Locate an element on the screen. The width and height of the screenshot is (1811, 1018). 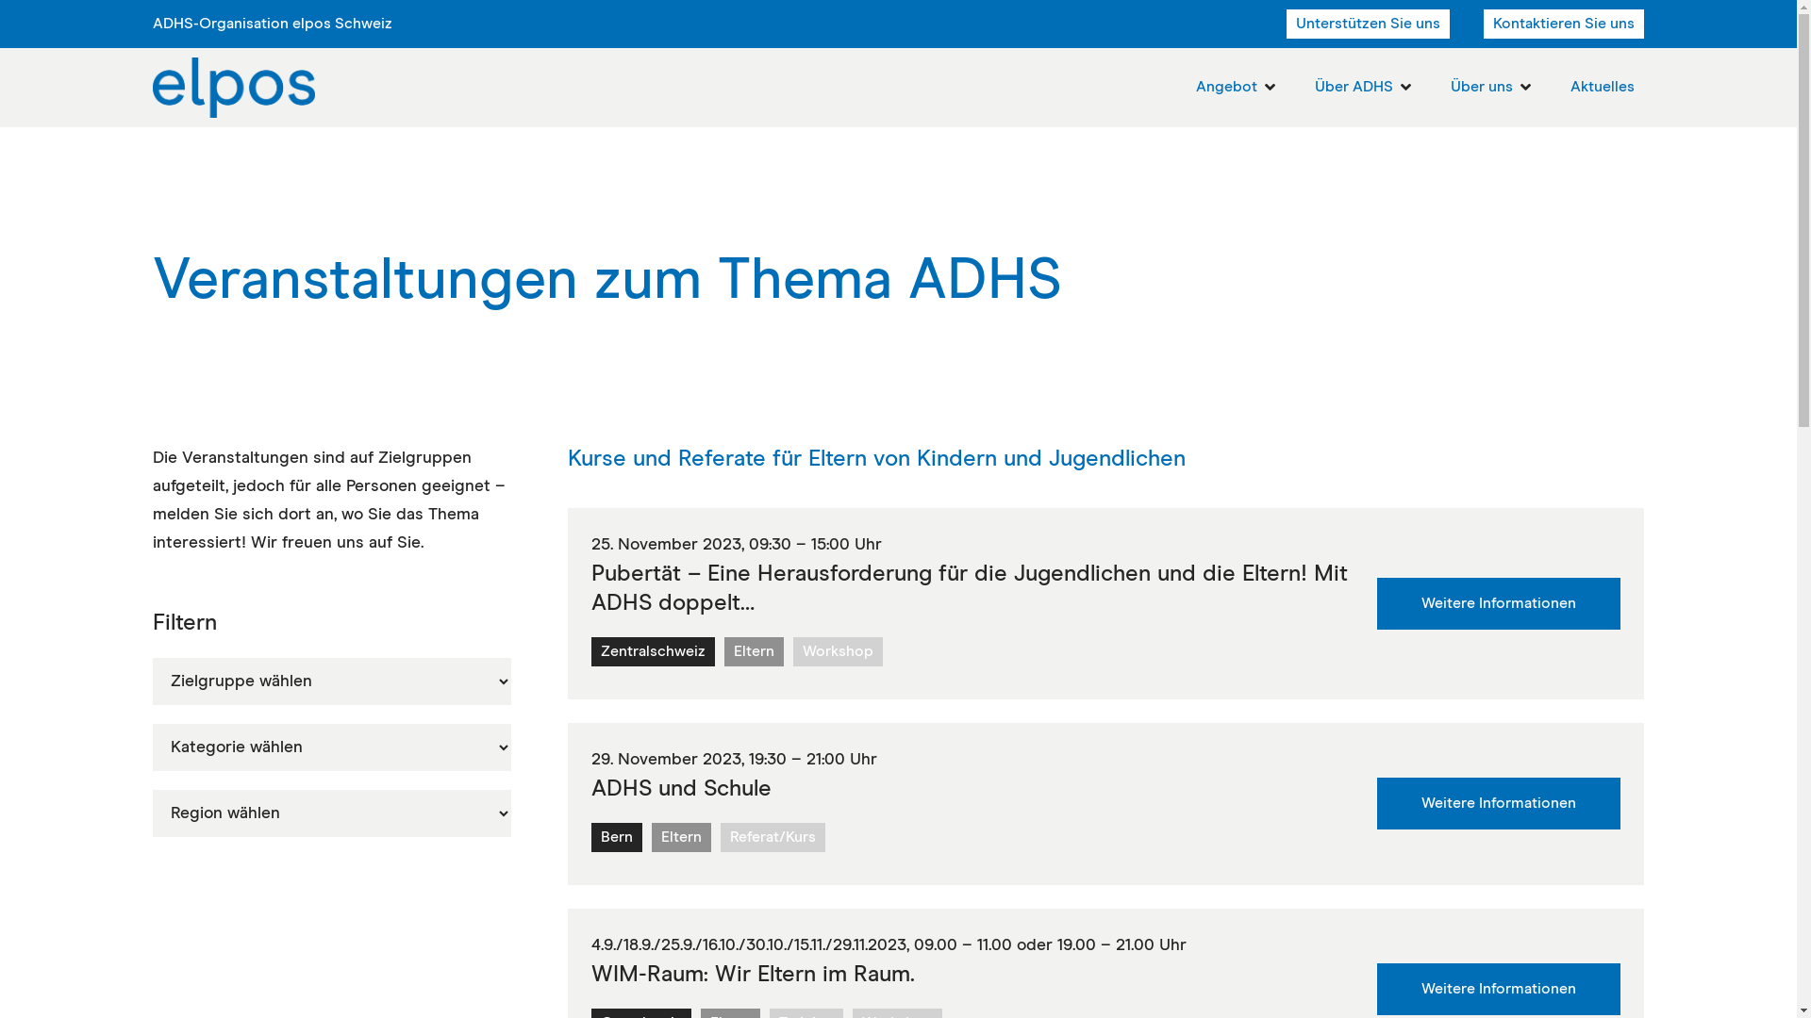
'Aktuelles' is located at coordinates (1570, 87).